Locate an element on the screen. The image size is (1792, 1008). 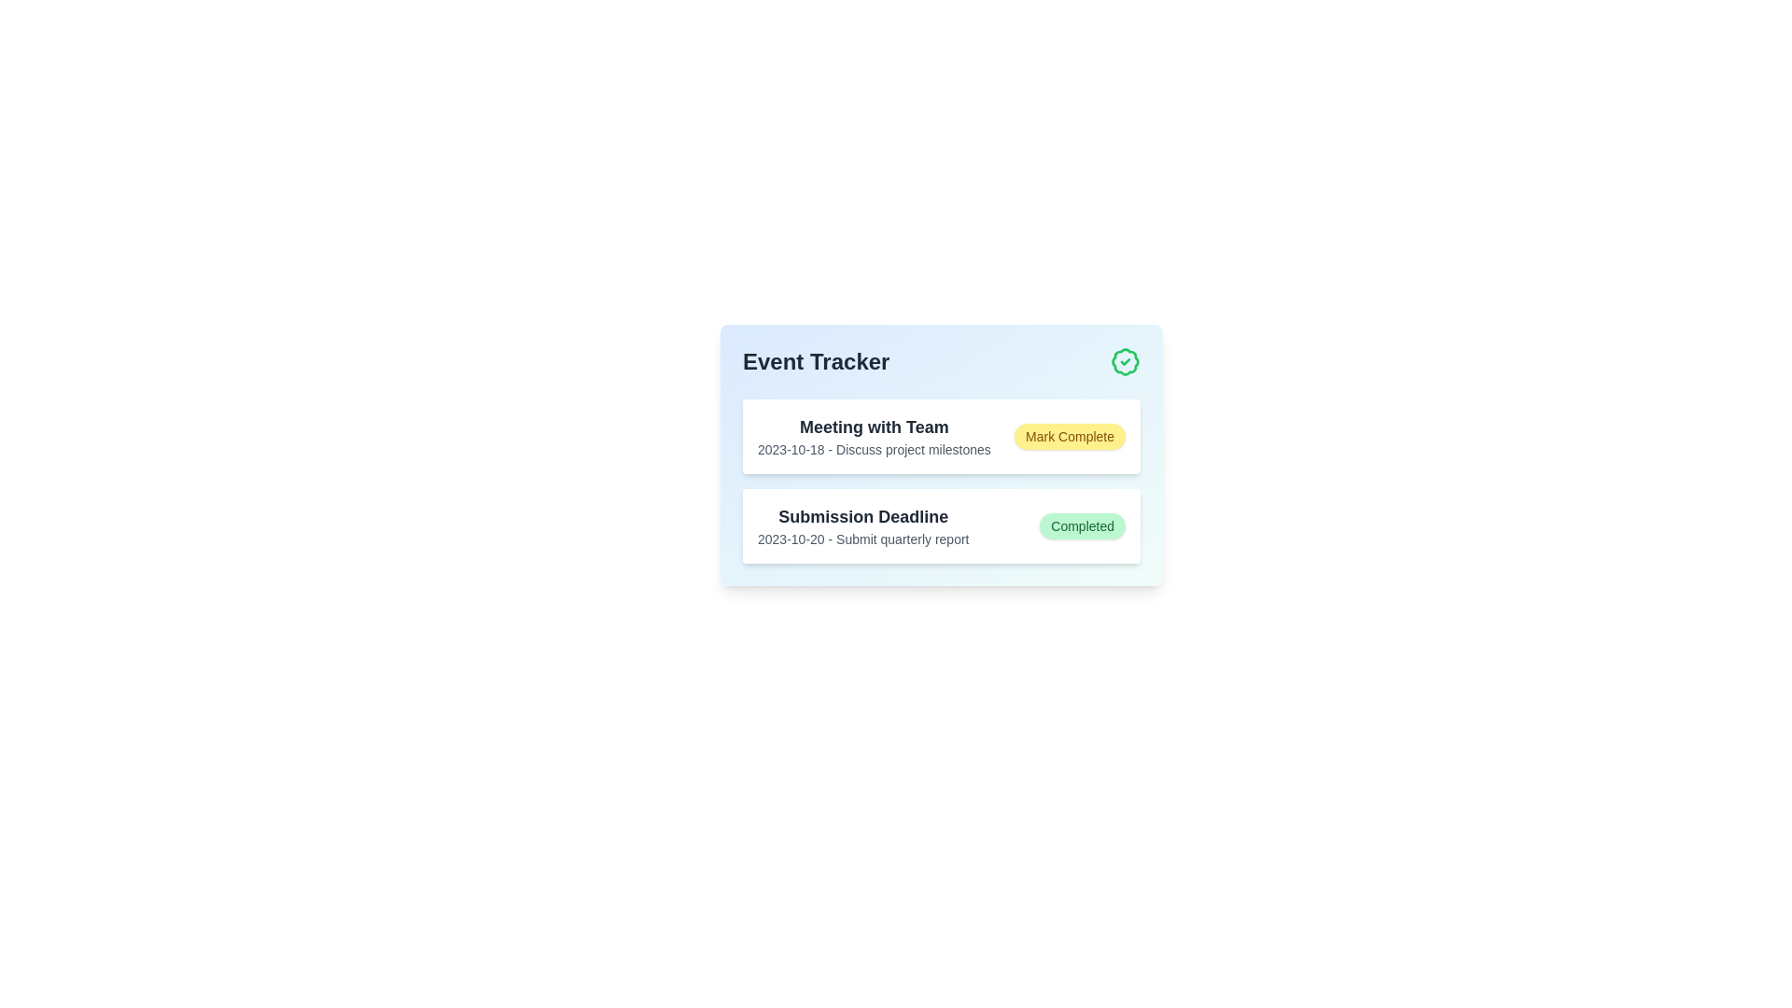
the rounded rectangular badge with a green background displaying the text 'Completed' is located at coordinates (1083, 525).